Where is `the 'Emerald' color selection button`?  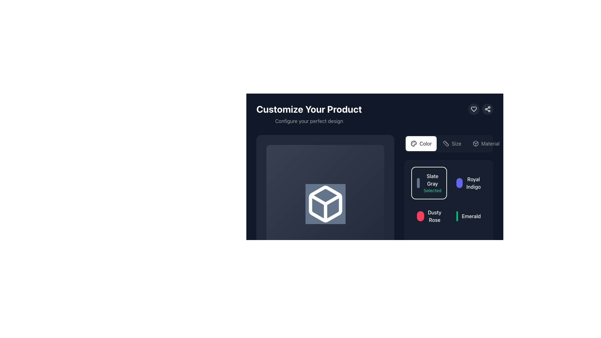 the 'Emerald' color selection button is located at coordinates (457, 216).